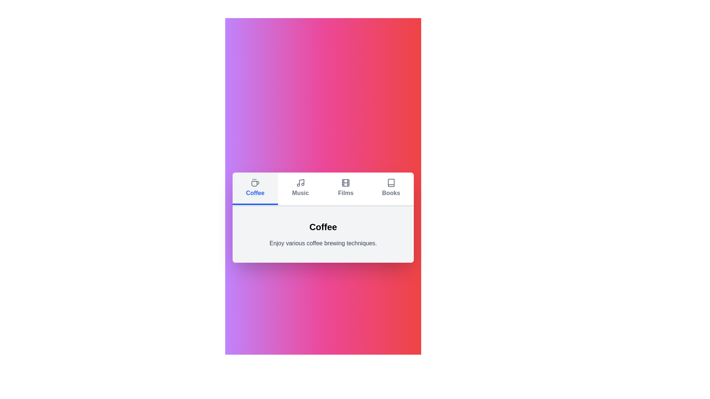 Image resolution: width=710 pixels, height=399 pixels. What do you see at coordinates (390, 188) in the screenshot?
I see `the tab labeled Books` at bounding box center [390, 188].